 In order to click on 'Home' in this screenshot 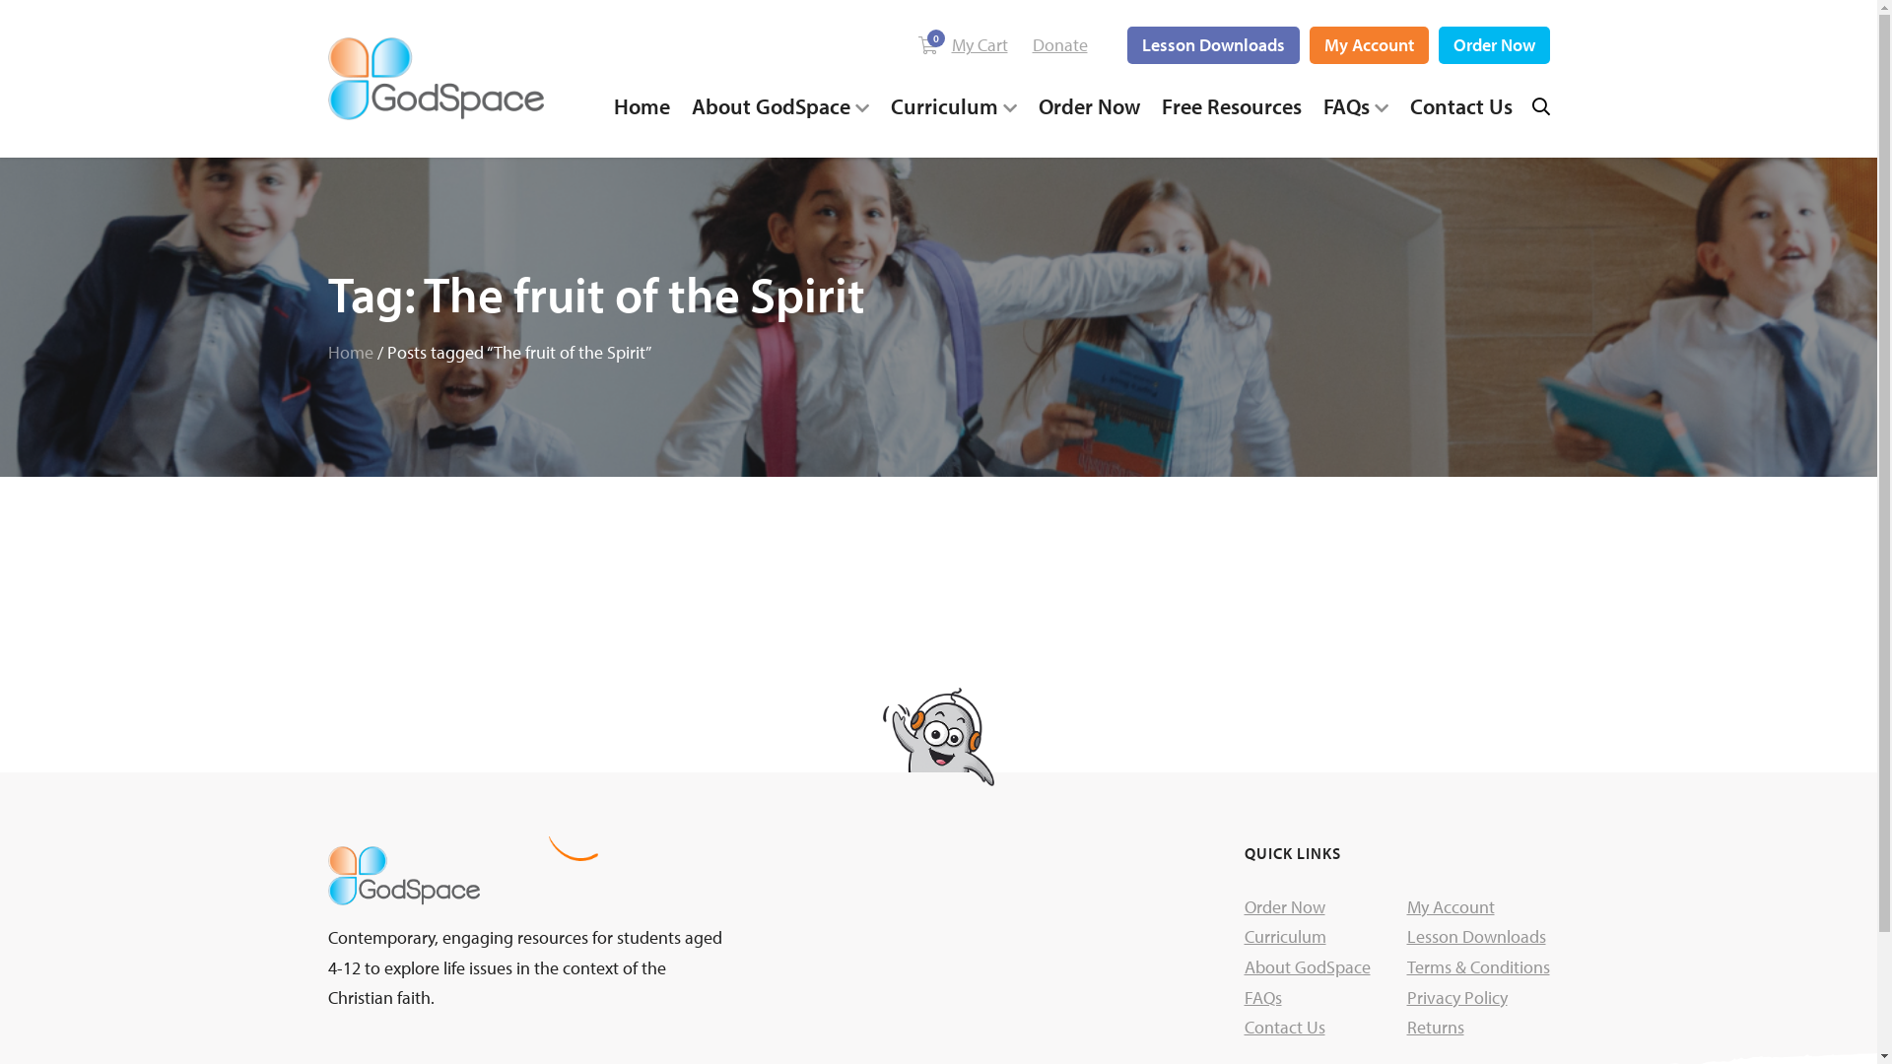, I will do `click(350, 351)`.